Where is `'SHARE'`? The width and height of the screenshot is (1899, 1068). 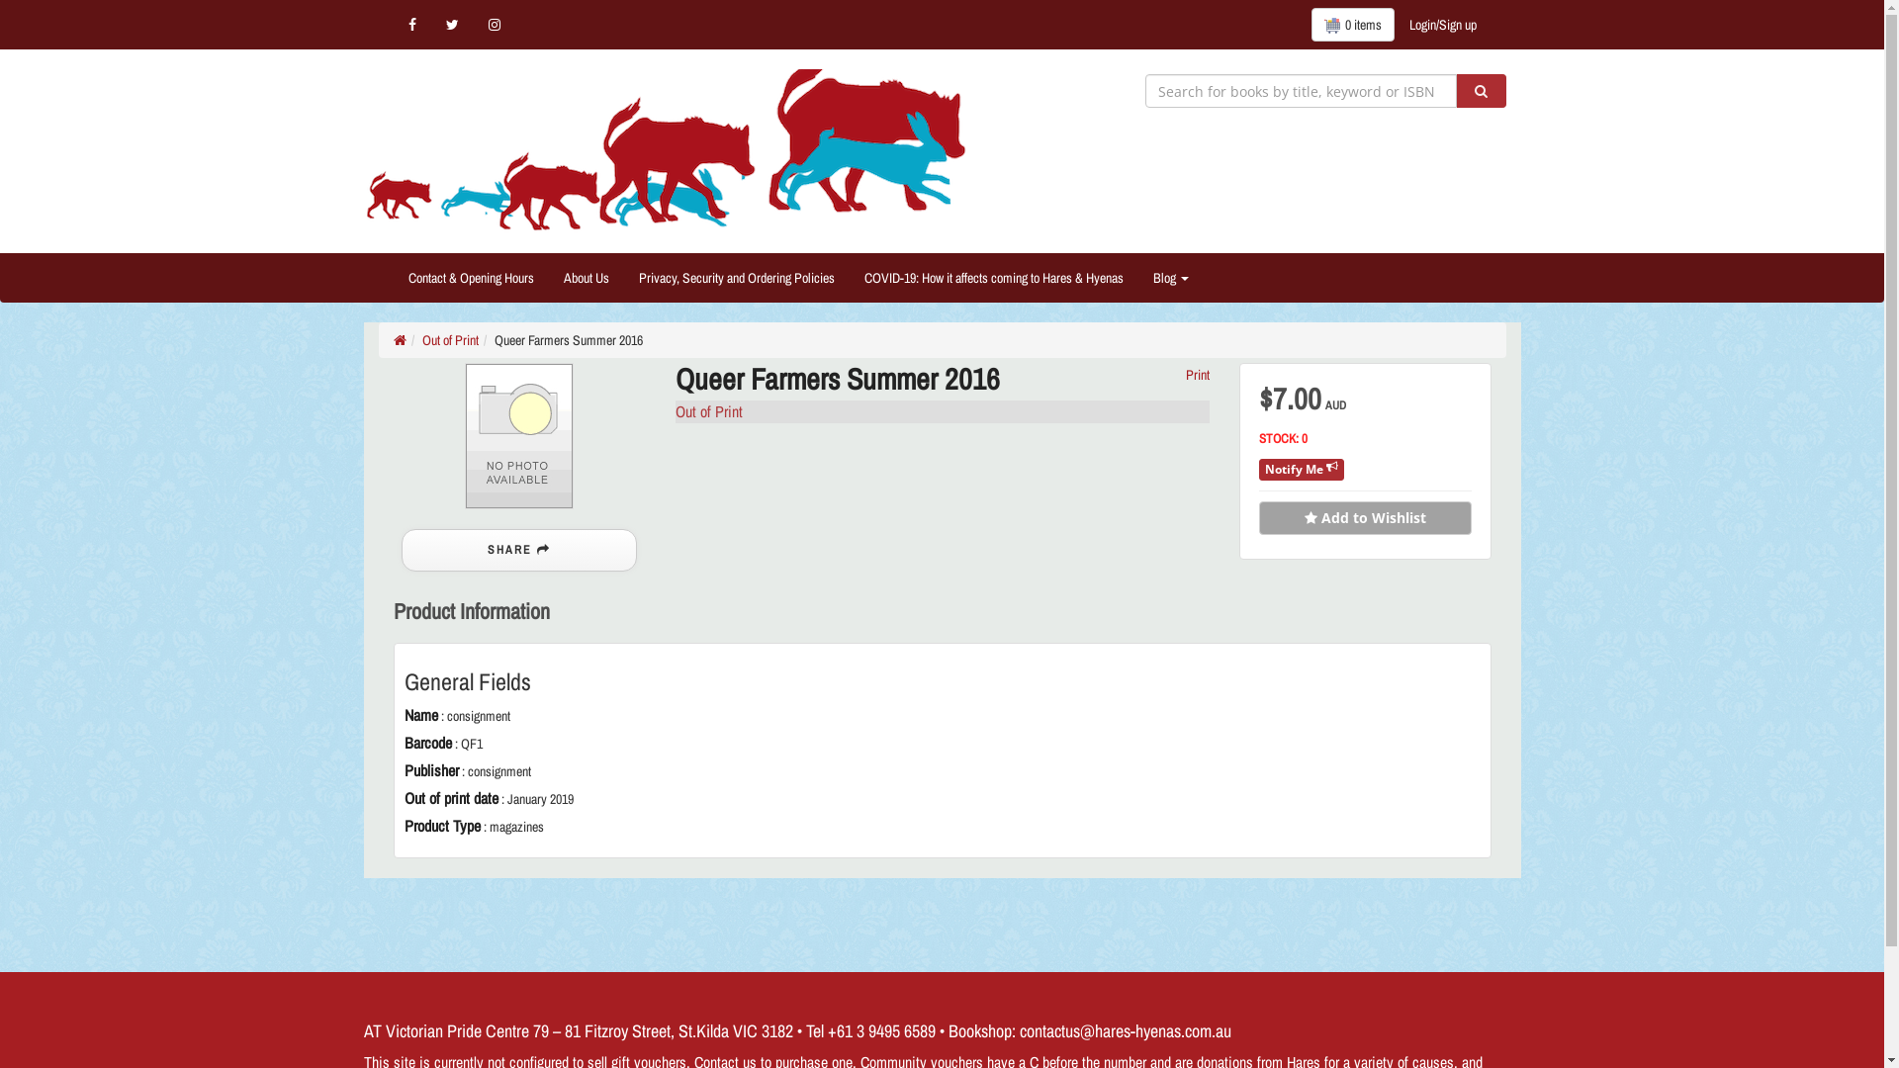
'SHARE' is located at coordinates (518, 550).